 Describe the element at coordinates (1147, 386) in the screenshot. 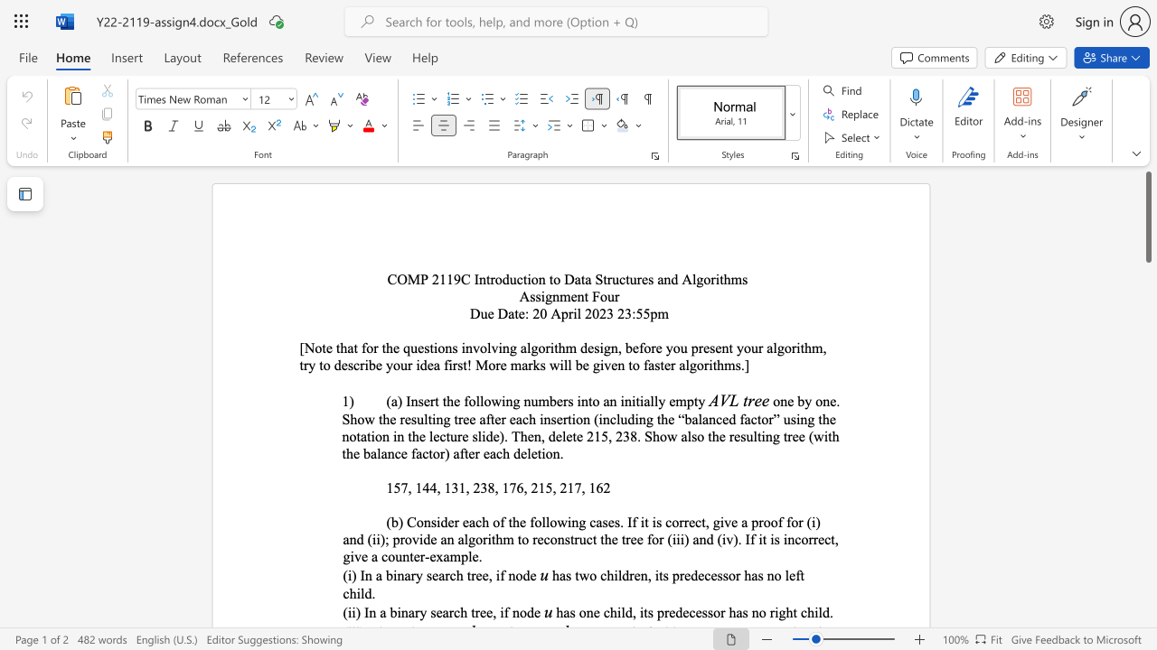

I see `the scrollbar to scroll downward` at that location.